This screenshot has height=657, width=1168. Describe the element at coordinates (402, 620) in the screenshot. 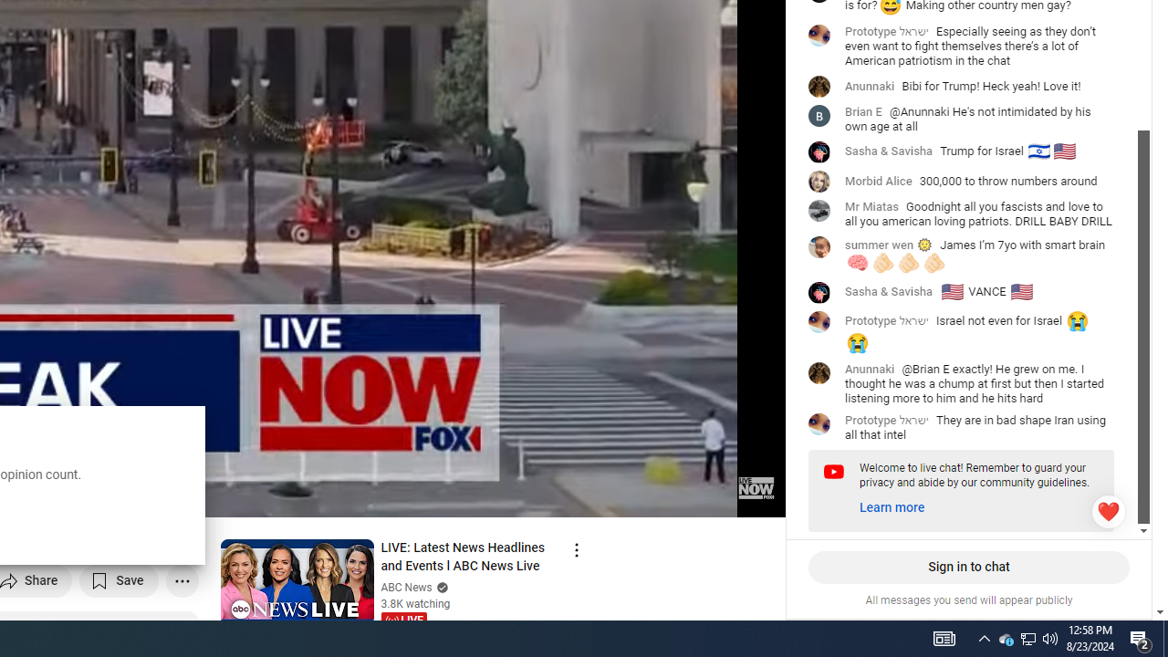

I see `'LIVE'` at that location.